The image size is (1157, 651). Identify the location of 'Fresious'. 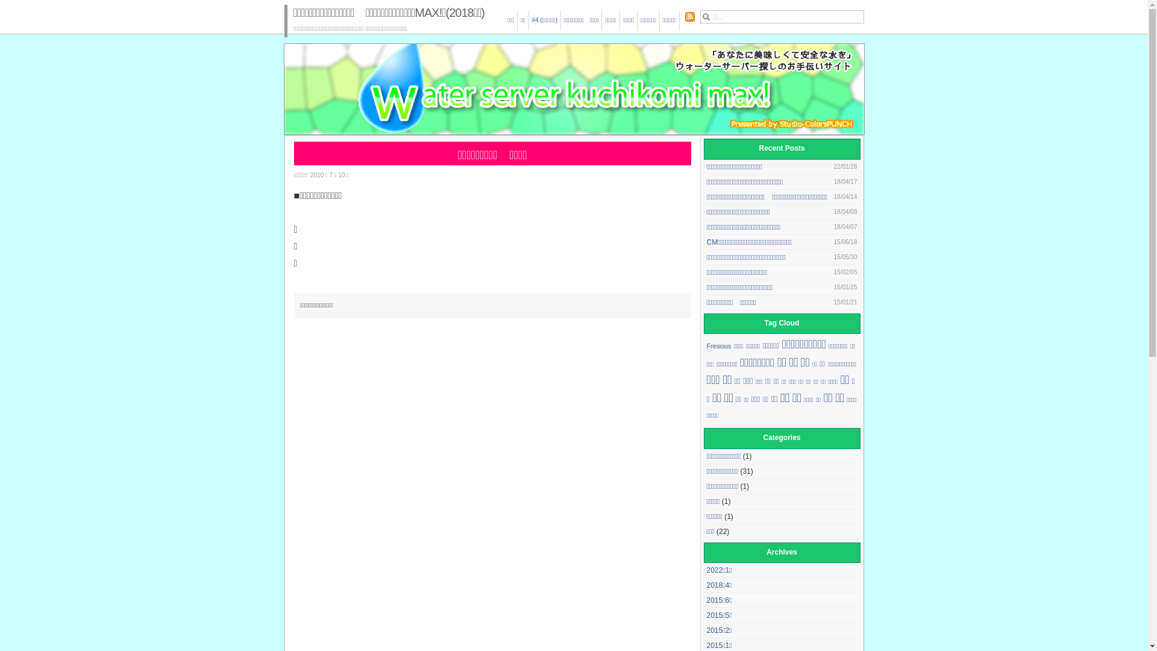
(718, 346).